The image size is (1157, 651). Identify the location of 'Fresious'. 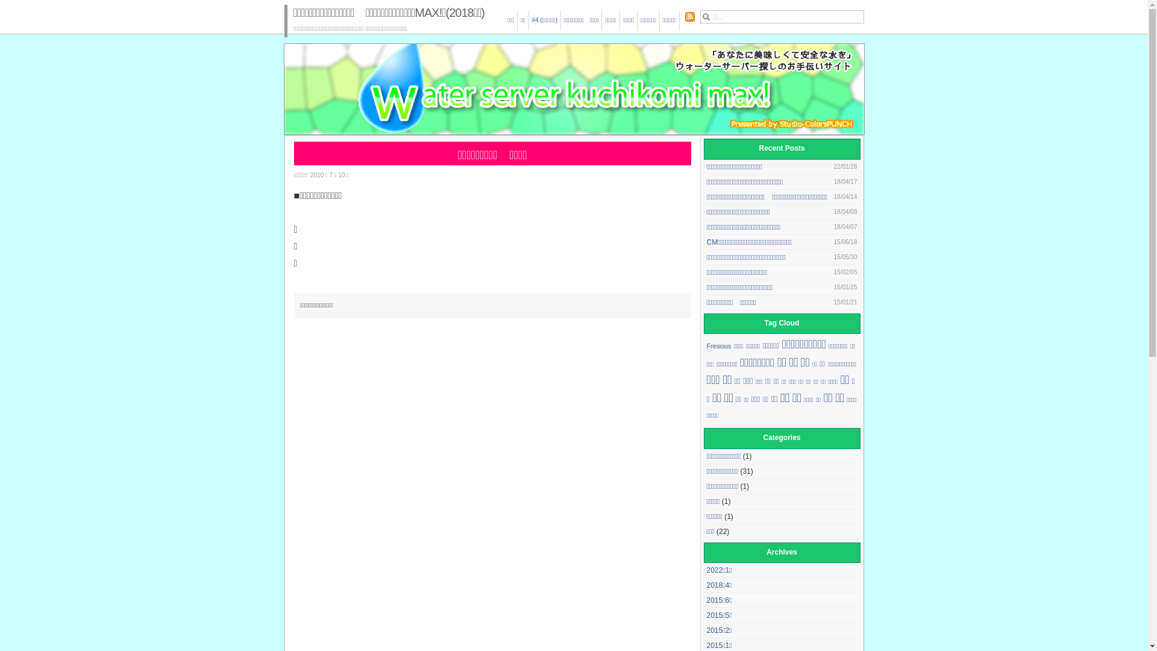
(718, 346).